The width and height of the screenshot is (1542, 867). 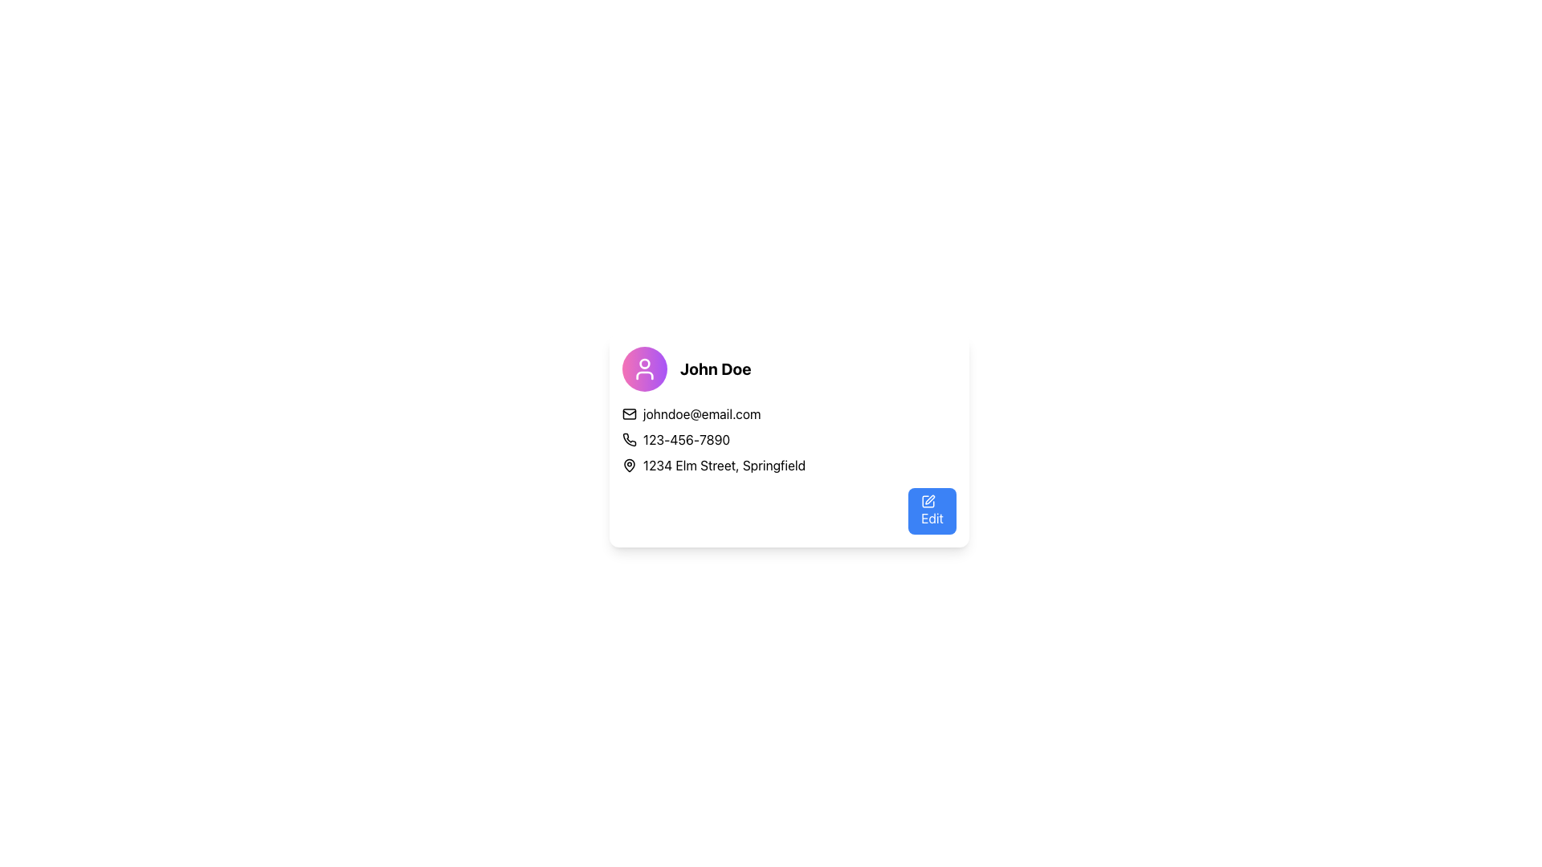 What do you see at coordinates (932, 511) in the screenshot?
I see `the 'Edit' button, which is a rounded rectangular button with a blue background and a white icon of a square pen at the top, located at the bottom-right corner of the user information card` at bounding box center [932, 511].